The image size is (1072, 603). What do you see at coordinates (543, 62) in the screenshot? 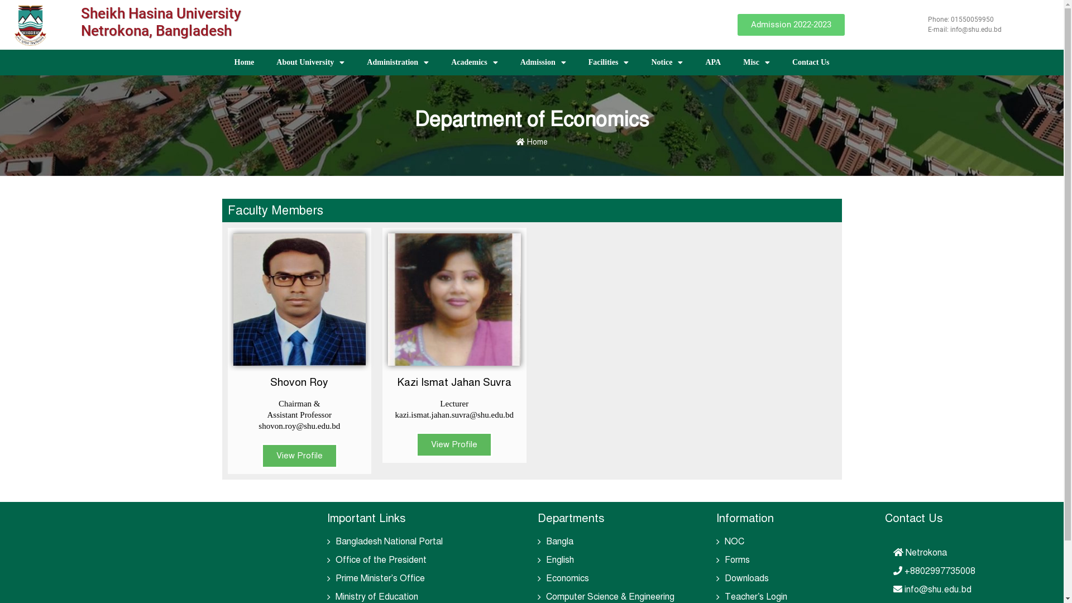
I see `'Admission'` at bounding box center [543, 62].